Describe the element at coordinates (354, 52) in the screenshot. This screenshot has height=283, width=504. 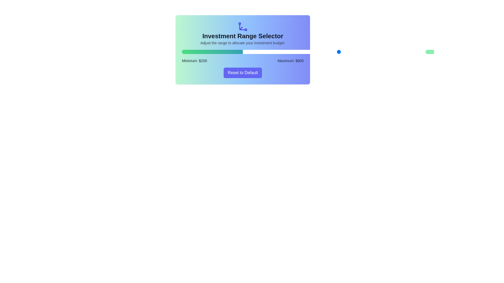
I see `the maximum investment range to 748 by dragging the right slider` at that location.